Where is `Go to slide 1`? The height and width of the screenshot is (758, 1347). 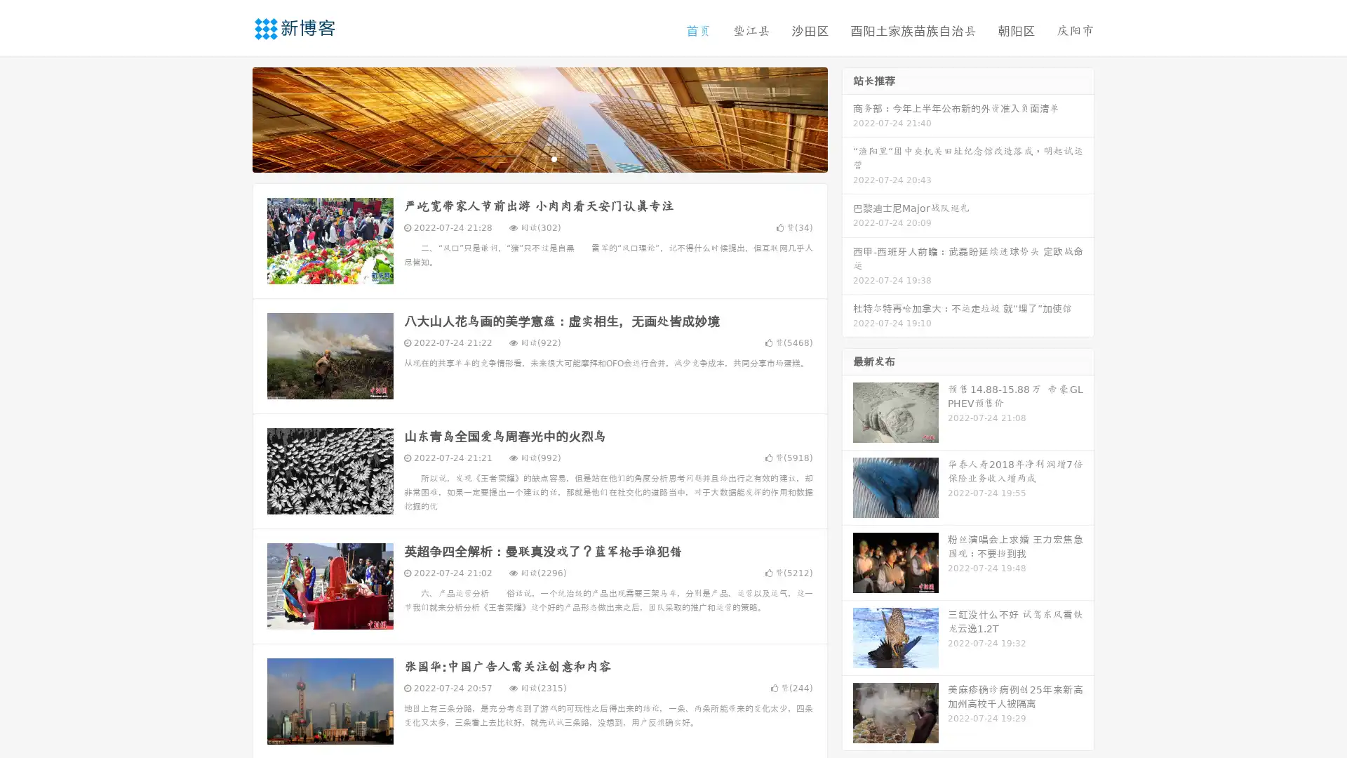 Go to slide 1 is located at coordinates (525, 158).